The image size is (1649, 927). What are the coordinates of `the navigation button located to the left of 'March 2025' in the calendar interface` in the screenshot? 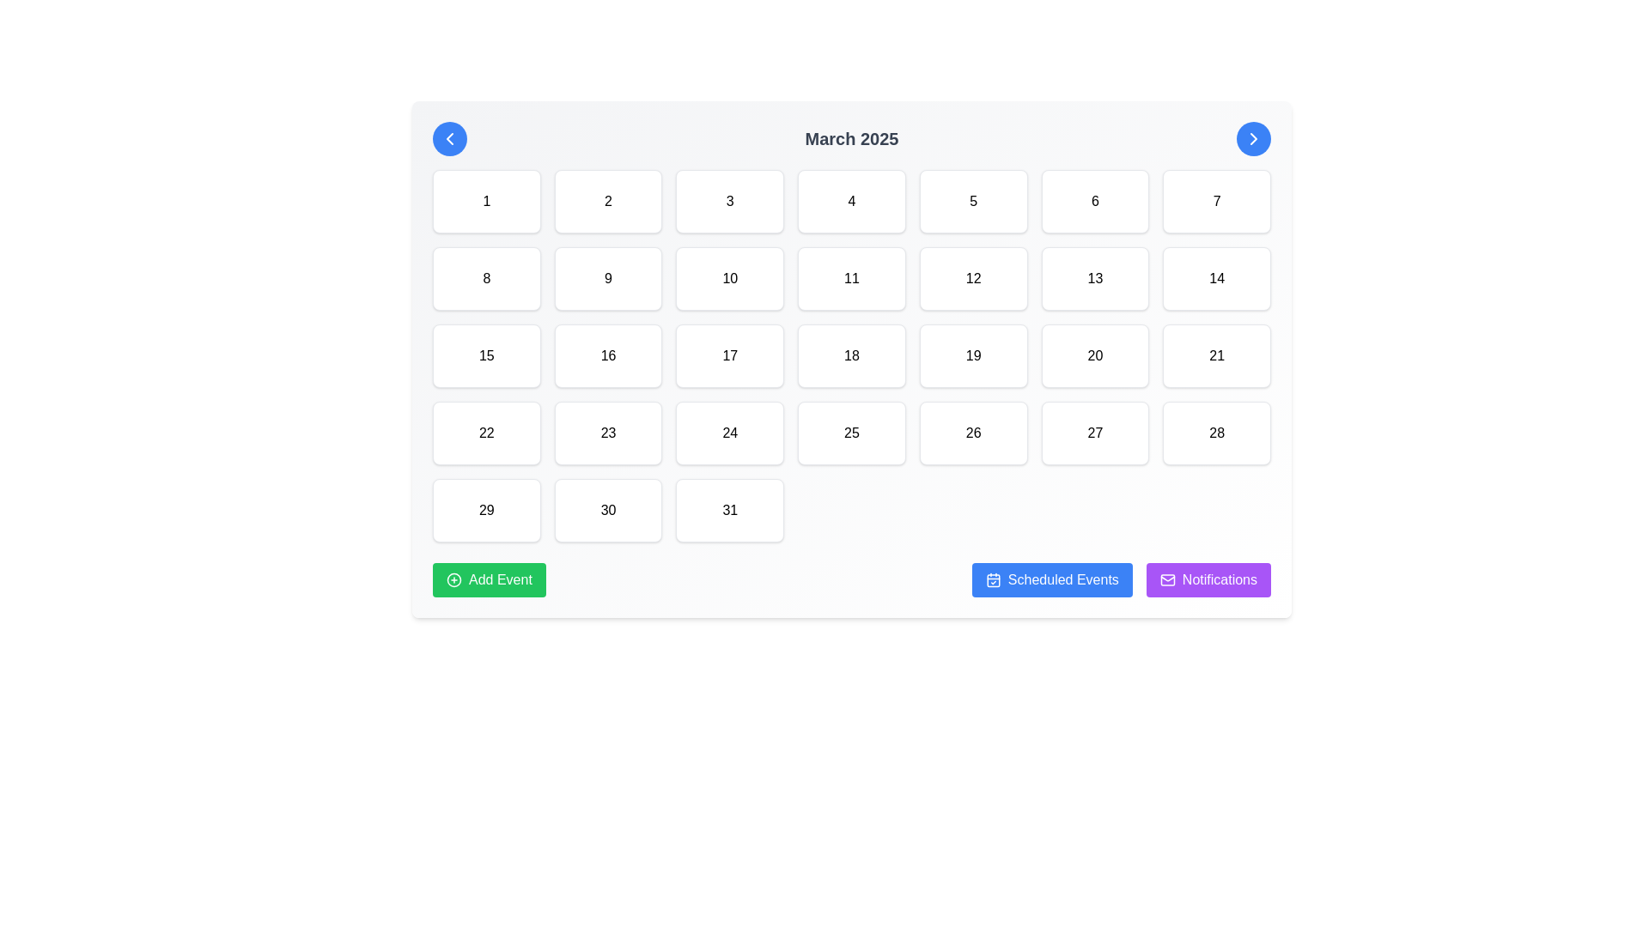 It's located at (449, 138).